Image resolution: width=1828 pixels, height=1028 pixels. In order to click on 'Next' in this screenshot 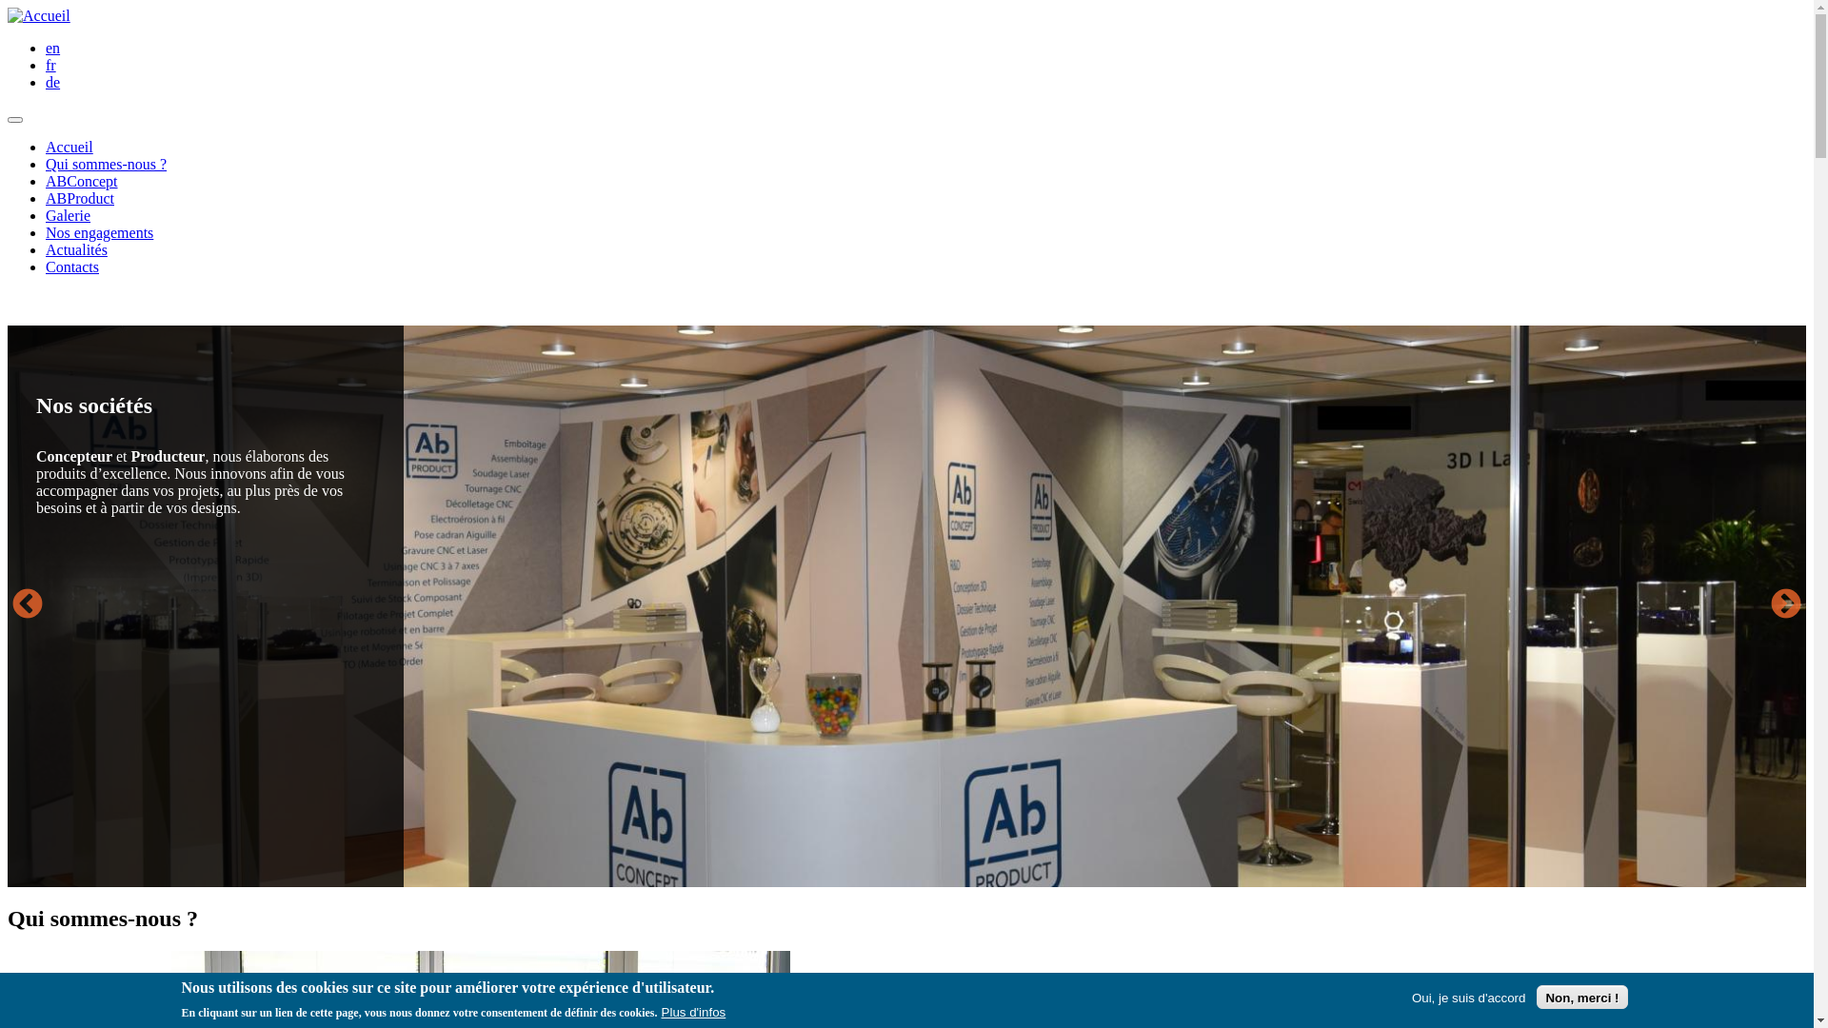, I will do `click(1764, 605)`.